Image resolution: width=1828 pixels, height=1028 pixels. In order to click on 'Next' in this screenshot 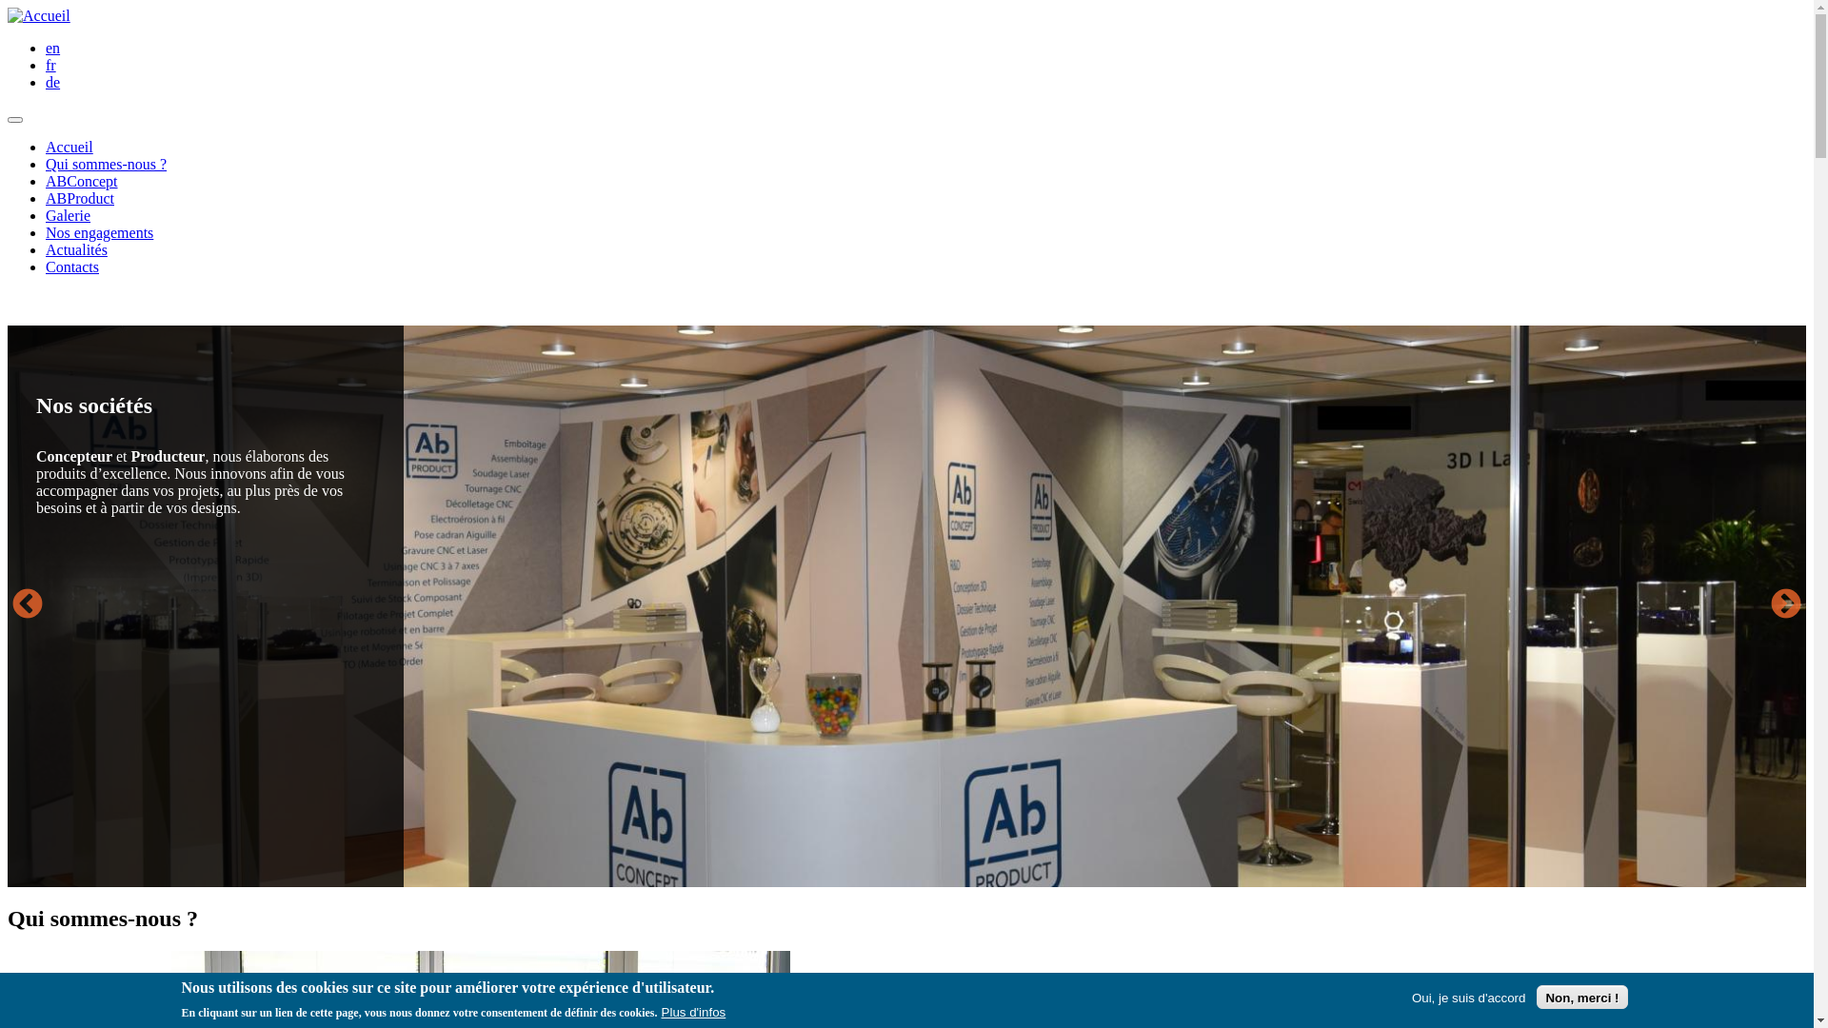, I will do `click(1764, 605)`.